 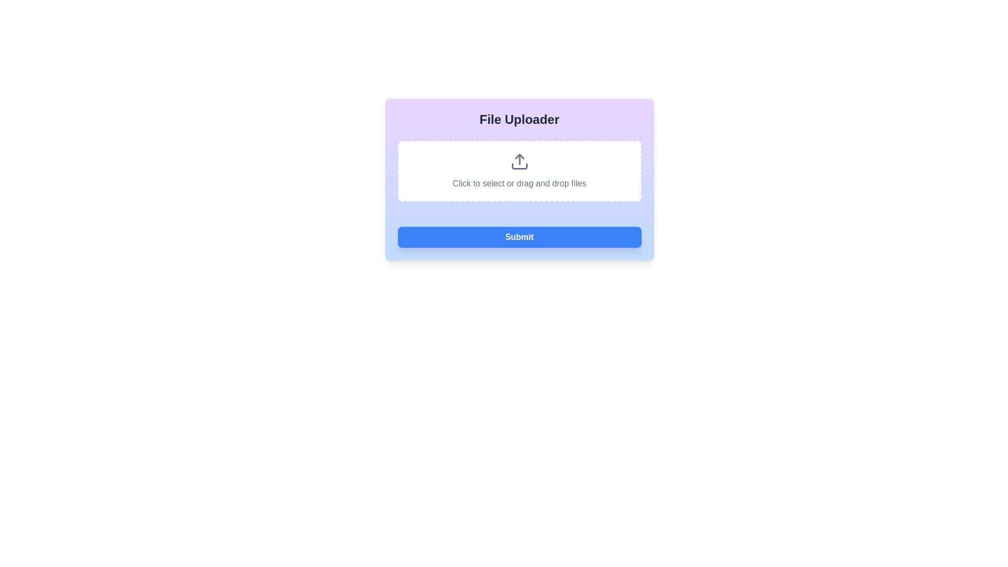 I want to click on the static text label that serves as the title of the file upload section, which is positioned above the clickable area for file selection and the Submit button, so click(x=519, y=119).